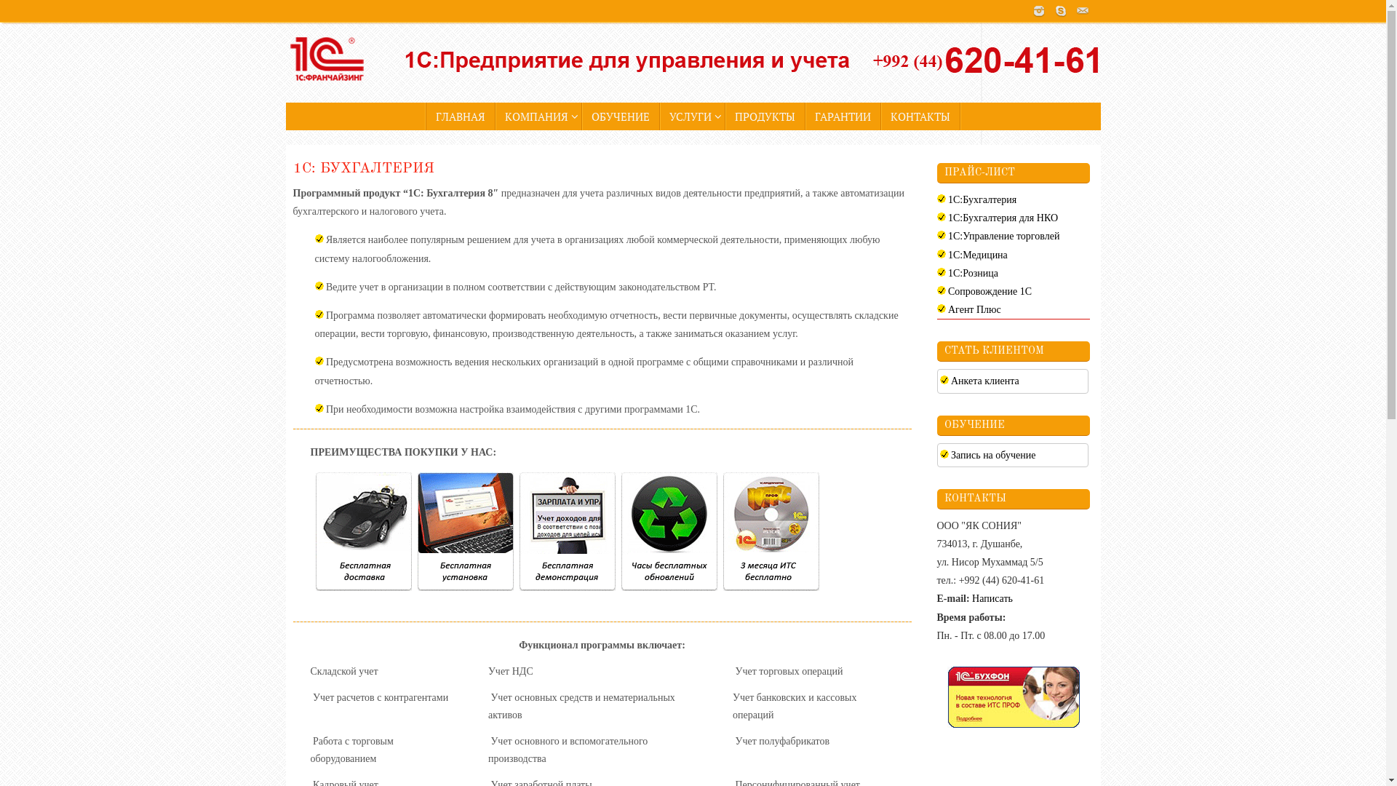 The height and width of the screenshot is (786, 1397). Describe the element at coordinates (1071, 11) in the screenshot. I see `'Mail'` at that location.